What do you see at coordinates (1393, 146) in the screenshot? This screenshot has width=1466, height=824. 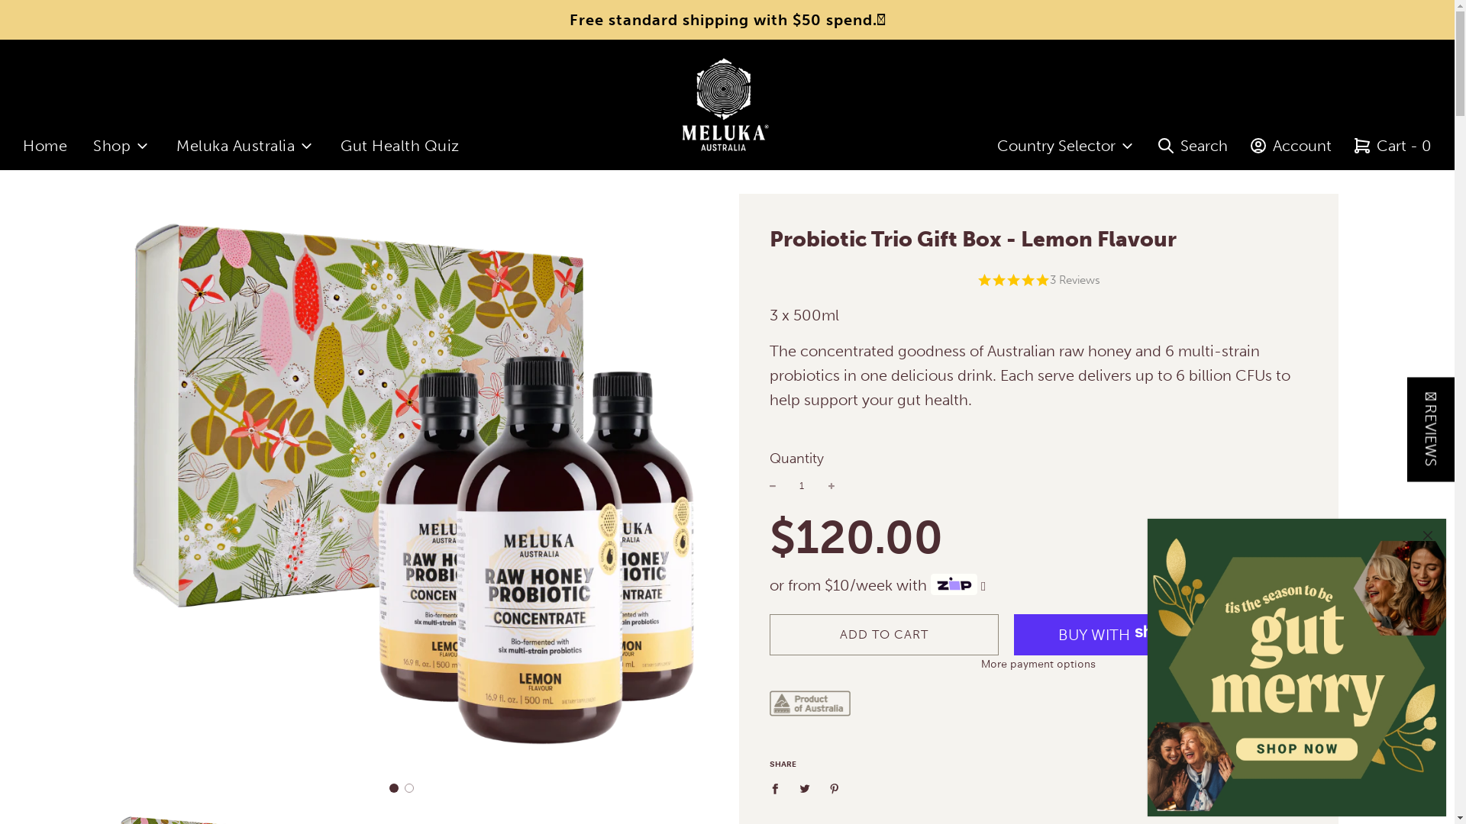 I see `'Cart - 0'` at bounding box center [1393, 146].